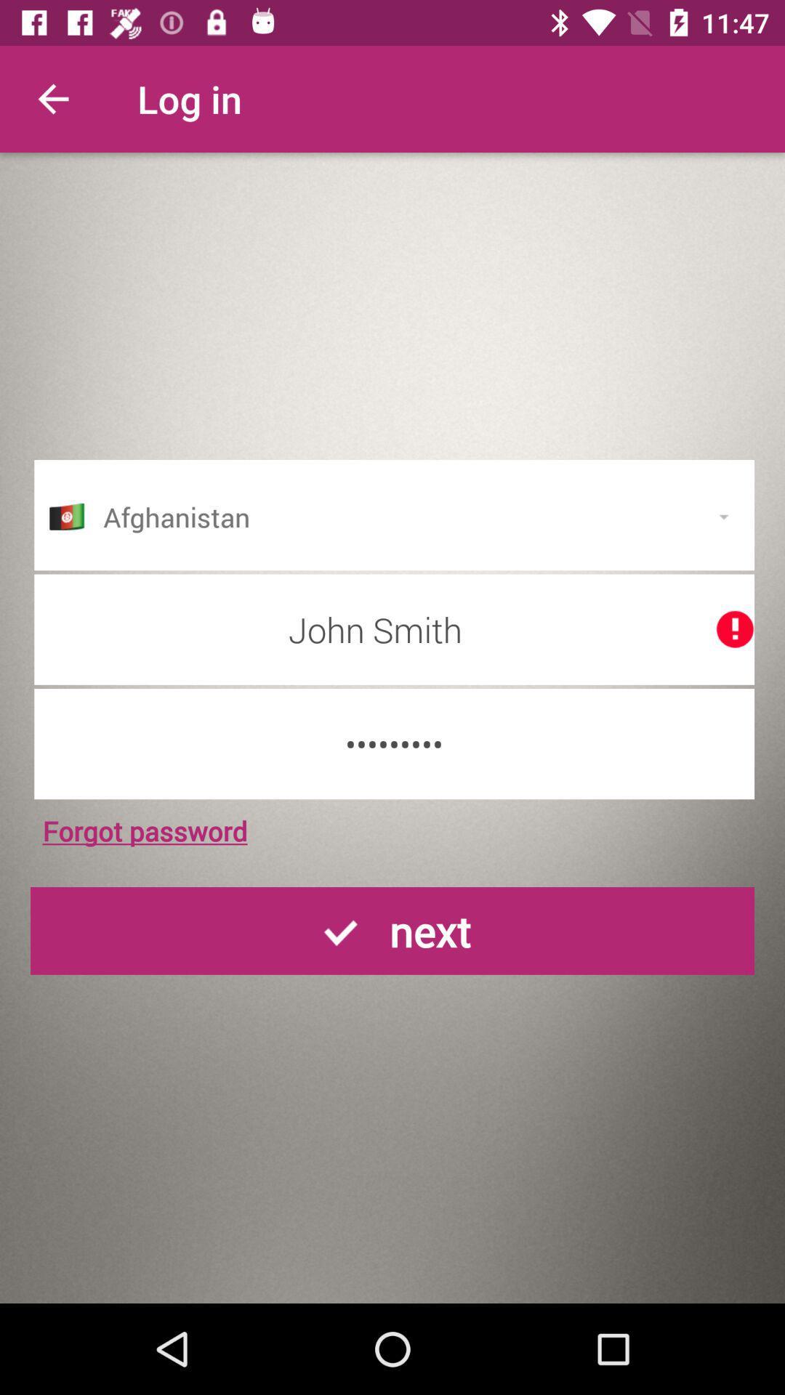 The width and height of the screenshot is (785, 1395). I want to click on the john smith icon, so click(394, 629).